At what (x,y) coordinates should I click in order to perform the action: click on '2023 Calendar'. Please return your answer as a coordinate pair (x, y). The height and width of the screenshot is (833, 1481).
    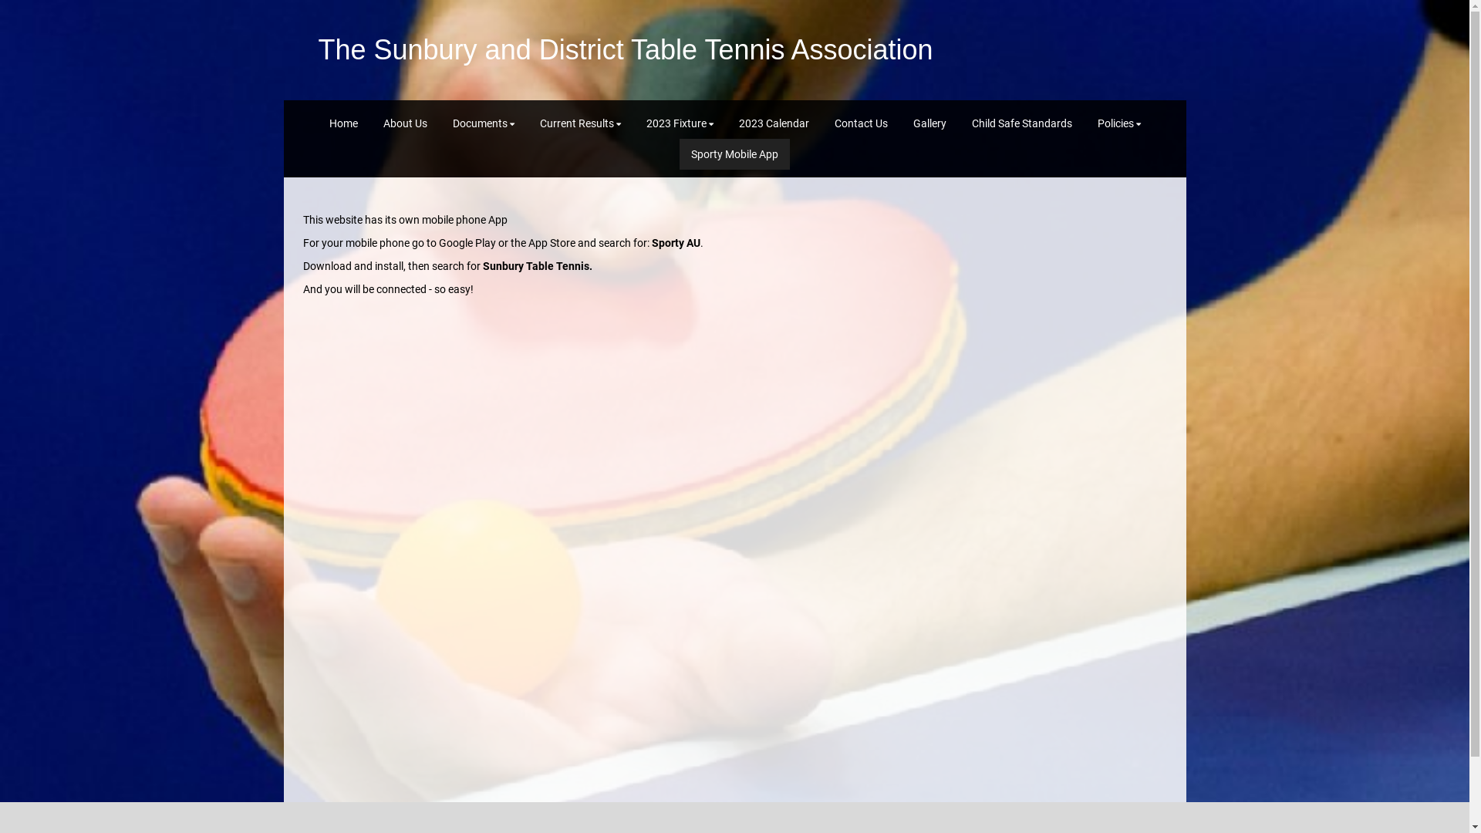
    Looking at the image, I should click on (773, 122).